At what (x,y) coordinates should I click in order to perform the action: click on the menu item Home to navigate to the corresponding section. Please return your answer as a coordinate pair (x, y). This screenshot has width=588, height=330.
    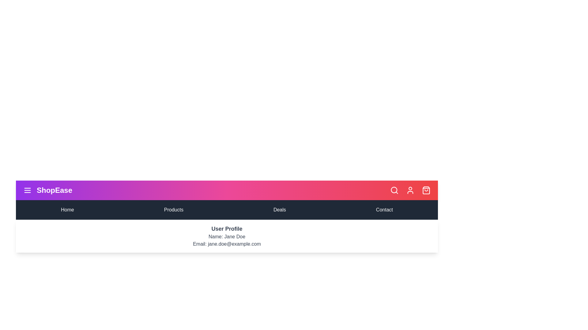
    Looking at the image, I should click on (67, 209).